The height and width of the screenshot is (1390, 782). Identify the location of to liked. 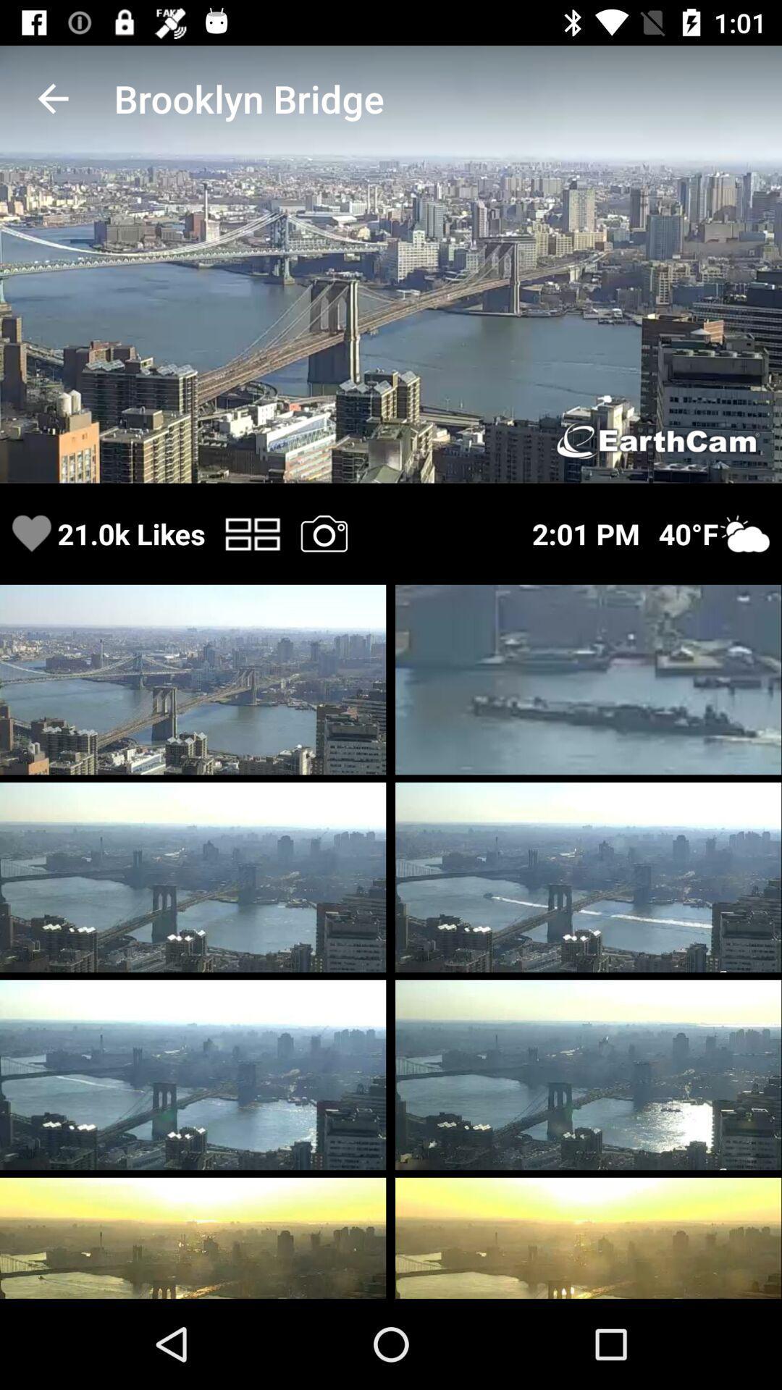
(31, 533).